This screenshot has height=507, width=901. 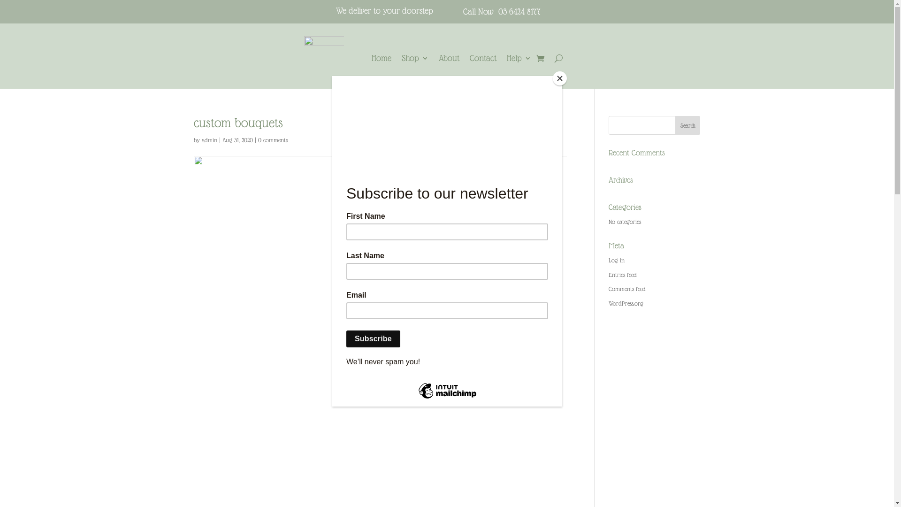 What do you see at coordinates (381, 60) in the screenshot?
I see `'Home'` at bounding box center [381, 60].